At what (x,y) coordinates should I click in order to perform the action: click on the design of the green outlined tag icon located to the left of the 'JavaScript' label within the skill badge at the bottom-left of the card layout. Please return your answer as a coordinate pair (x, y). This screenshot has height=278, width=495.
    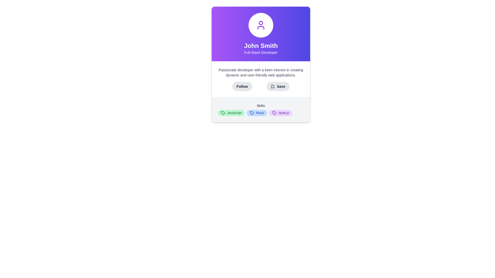
    Looking at the image, I should click on (223, 113).